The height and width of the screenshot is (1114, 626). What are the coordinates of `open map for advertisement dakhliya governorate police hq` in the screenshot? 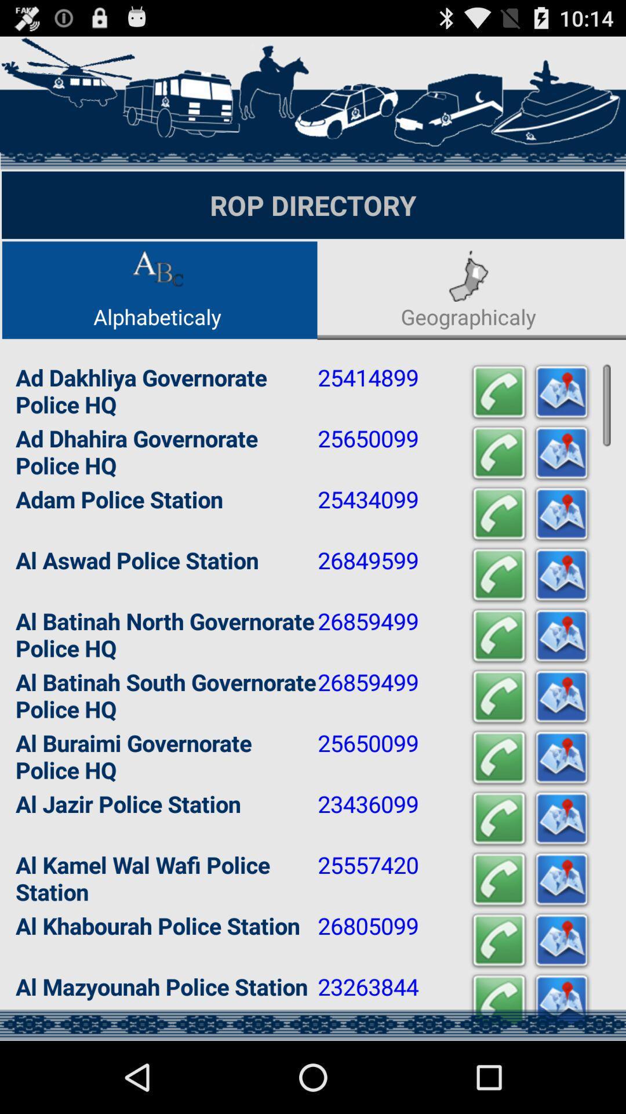 It's located at (561, 392).